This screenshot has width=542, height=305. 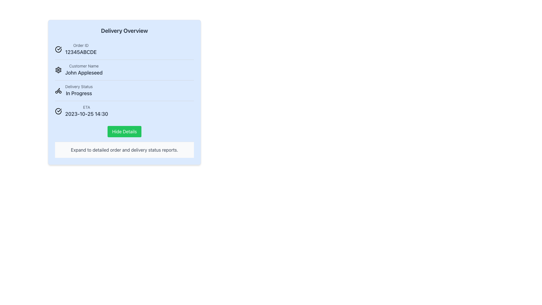 What do you see at coordinates (78, 93) in the screenshot?
I see `the 'In Progress' text label element, which is a bold status indicator located below 'Delivery Status' within a card-like interface` at bounding box center [78, 93].